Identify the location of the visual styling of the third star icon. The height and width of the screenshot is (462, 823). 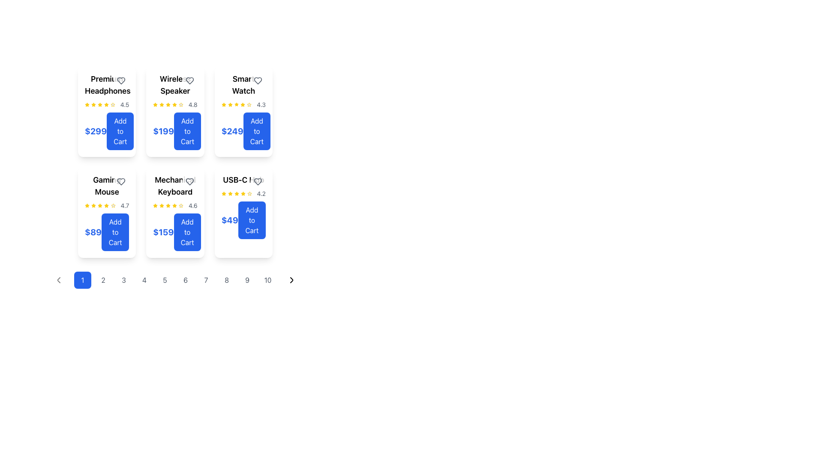
(93, 104).